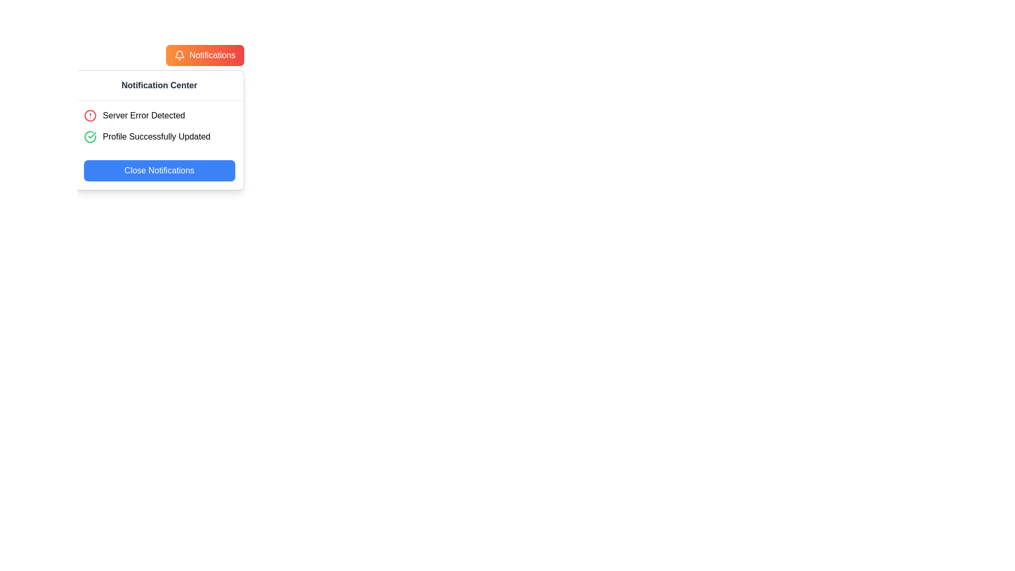 The width and height of the screenshot is (1015, 571). What do you see at coordinates (159, 170) in the screenshot?
I see `the close button located at the bottom of the white notification box` at bounding box center [159, 170].